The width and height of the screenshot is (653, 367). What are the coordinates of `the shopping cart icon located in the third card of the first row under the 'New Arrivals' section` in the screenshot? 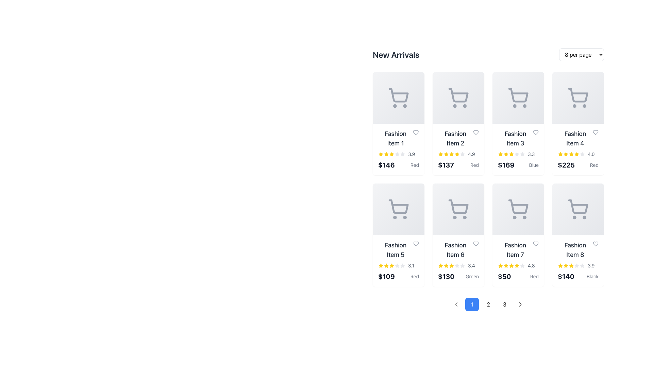 It's located at (518, 98).